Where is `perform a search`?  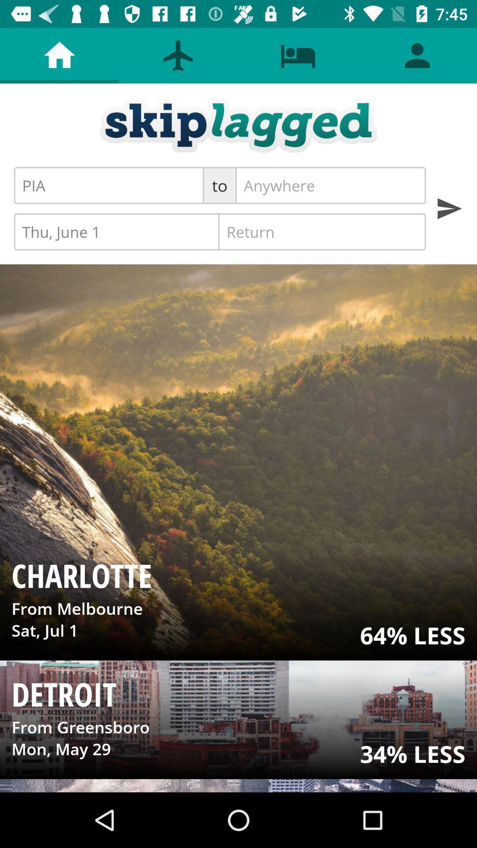
perform a search is located at coordinates (449, 208).